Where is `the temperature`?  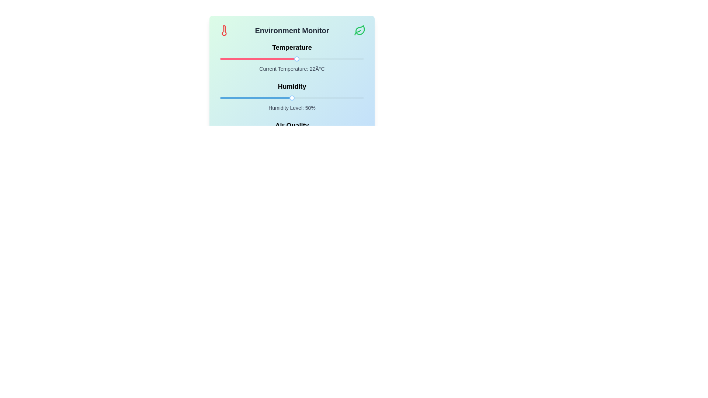 the temperature is located at coordinates (309, 58).